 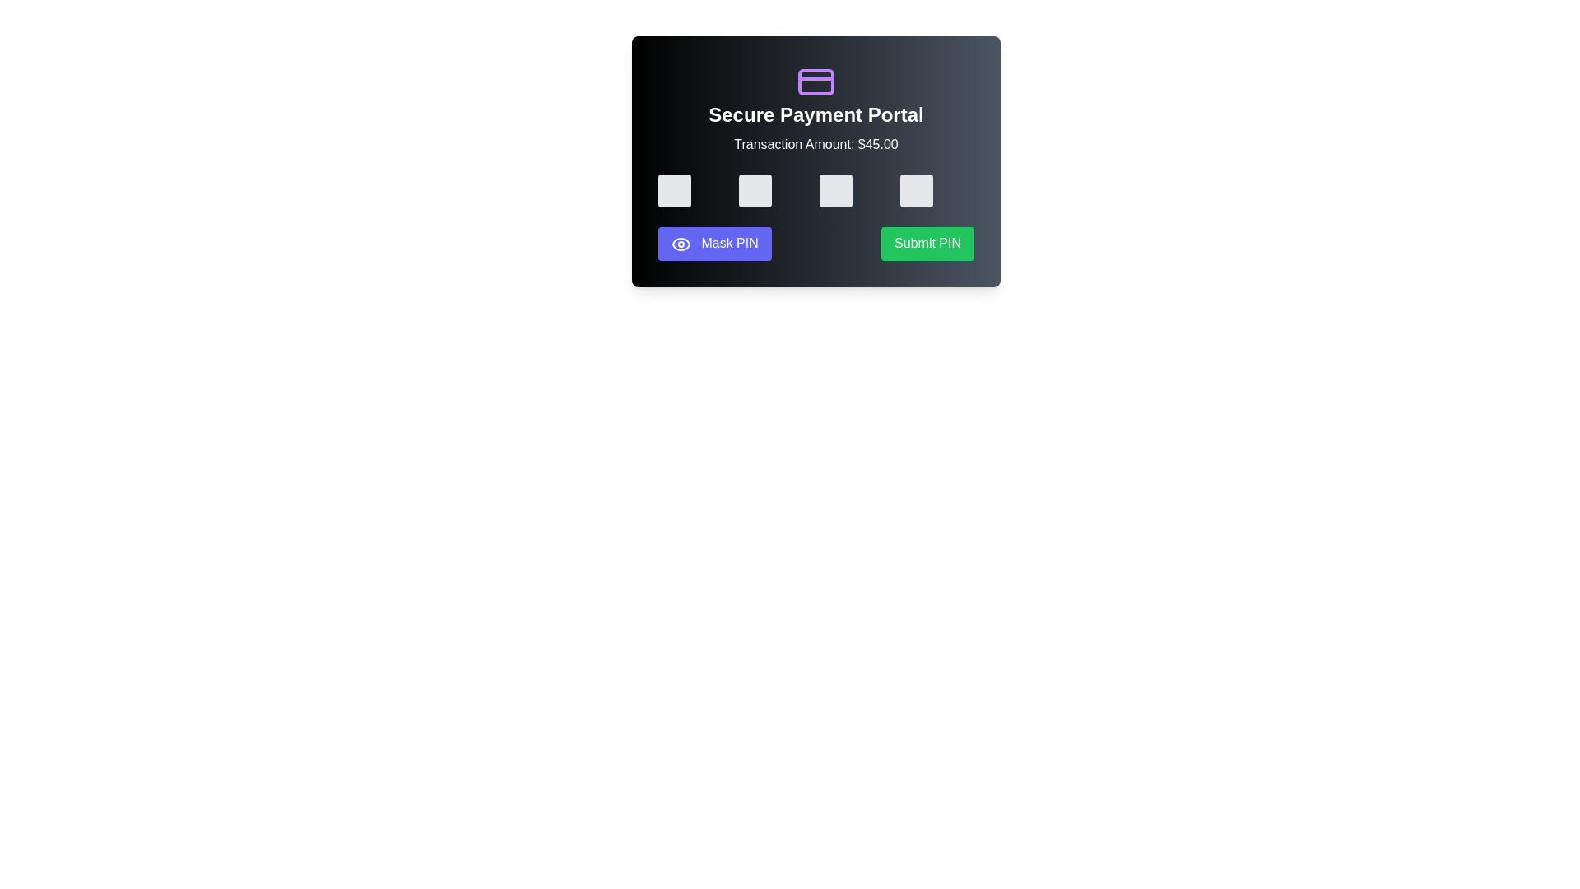 What do you see at coordinates (681, 244) in the screenshot?
I see `the eye-like icon located to the left of the 'Mask PIN' button` at bounding box center [681, 244].